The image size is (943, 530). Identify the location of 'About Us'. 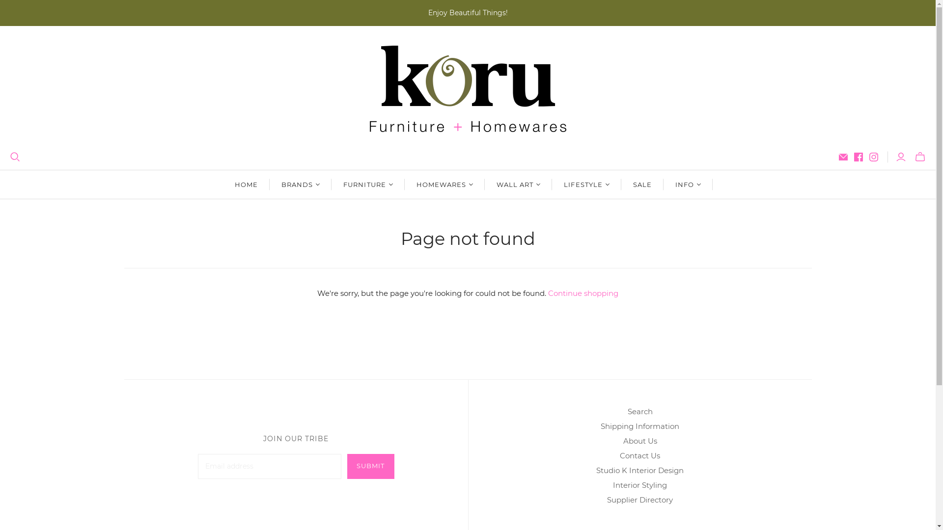
(622, 440).